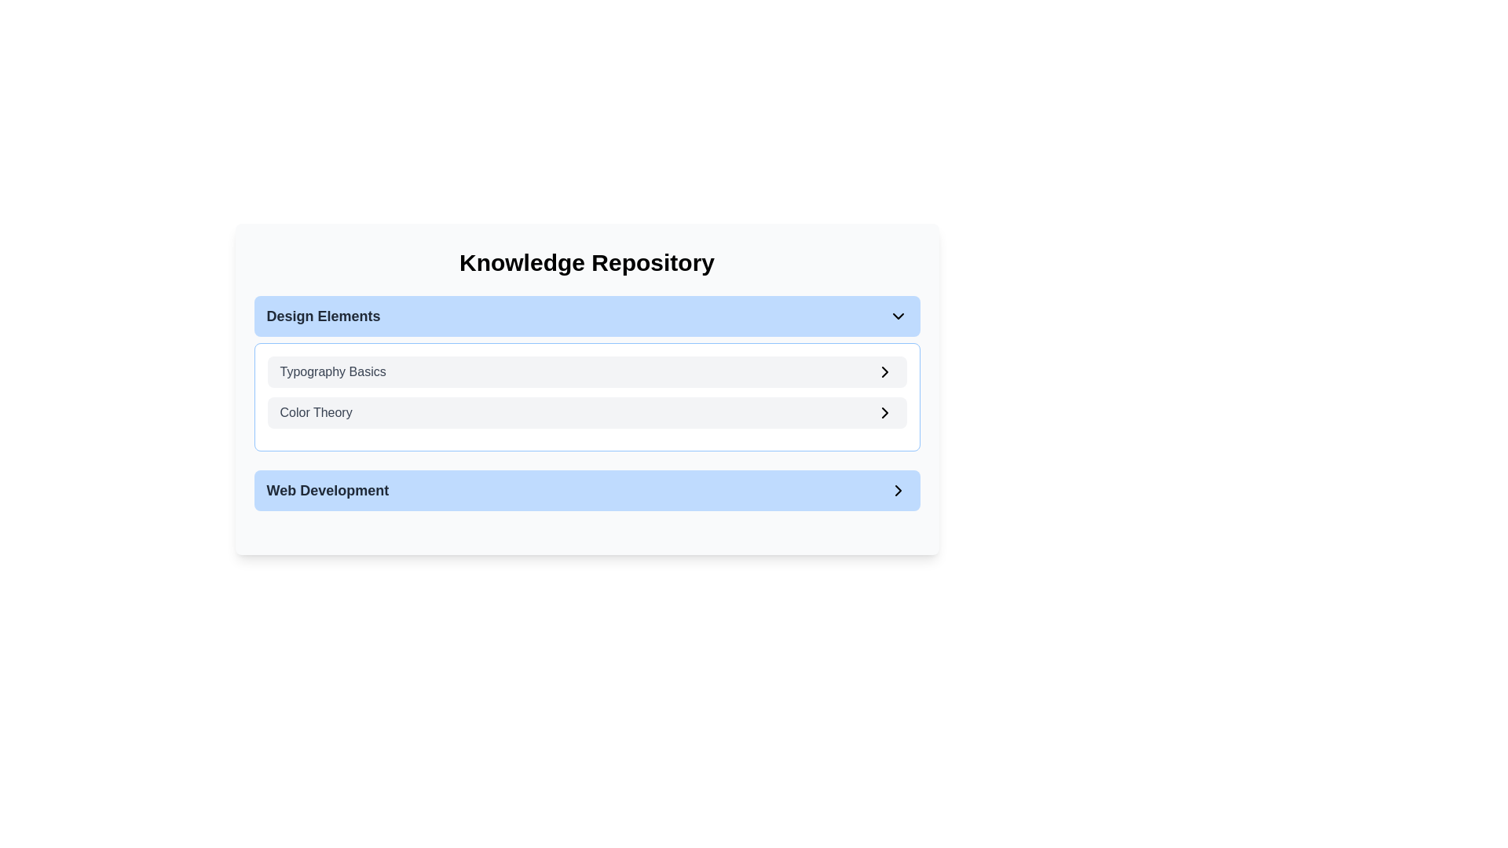  I want to click on the Dropdown menu item labeled 'Typography Basics', so click(586, 373).